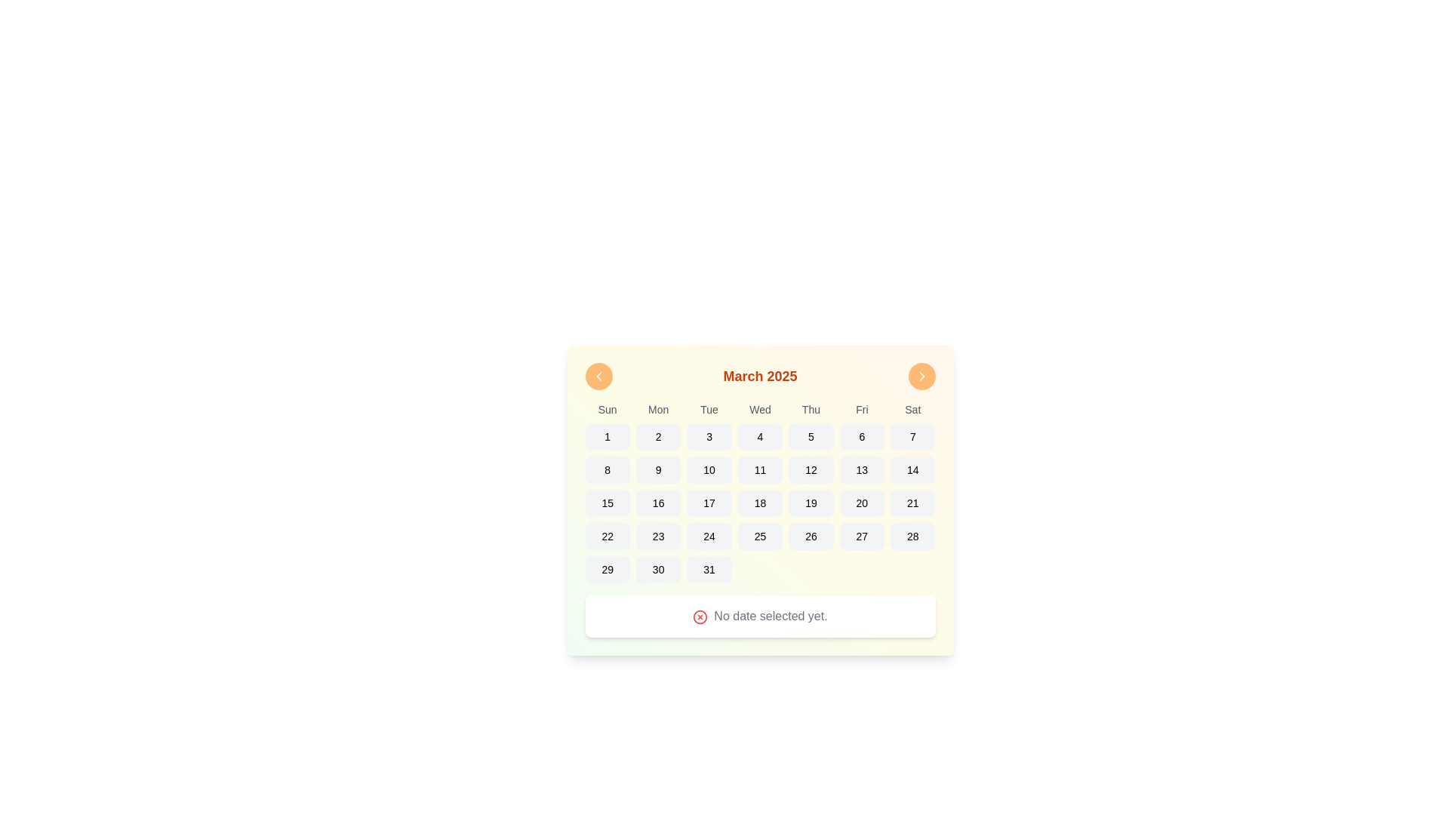 This screenshot has height=815, width=1449. I want to click on the text element that displays the currently selected month and year in the calendar interface, which is centrally positioned in the header of the calendar grid, so click(760, 375).